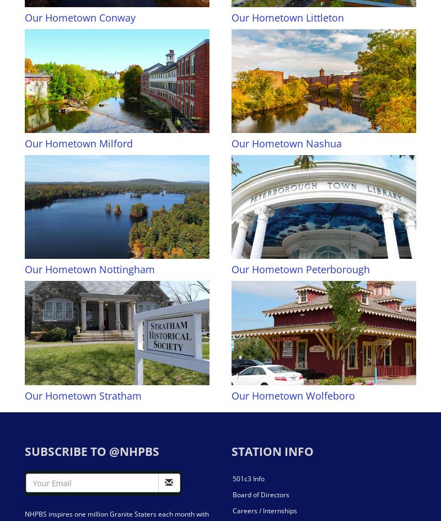 This screenshot has width=441, height=521. Describe the element at coordinates (232, 395) in the screenshot. I see `'Our Hometown Wolfeboro'` at that location.